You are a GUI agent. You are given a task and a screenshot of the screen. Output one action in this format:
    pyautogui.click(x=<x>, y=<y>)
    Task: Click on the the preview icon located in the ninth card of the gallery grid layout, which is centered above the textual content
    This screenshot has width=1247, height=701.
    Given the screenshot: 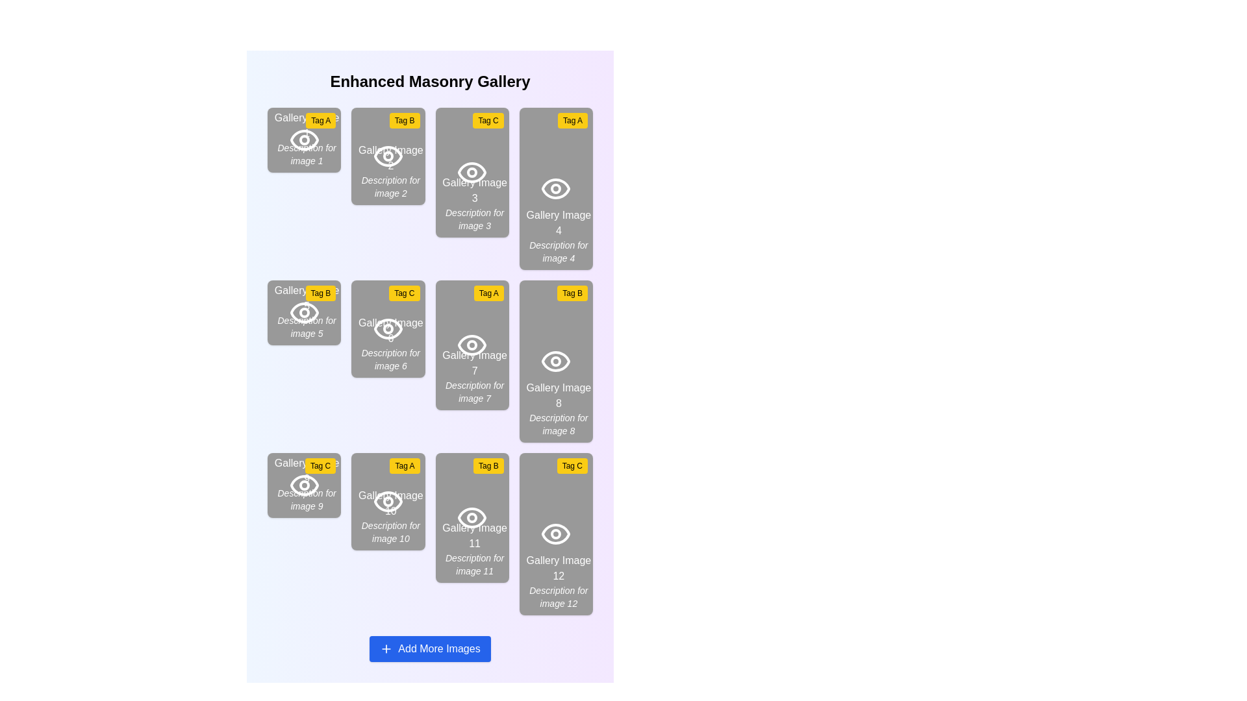 What is the action you would take?
    pyautogui.click(x=303, y=486)
    